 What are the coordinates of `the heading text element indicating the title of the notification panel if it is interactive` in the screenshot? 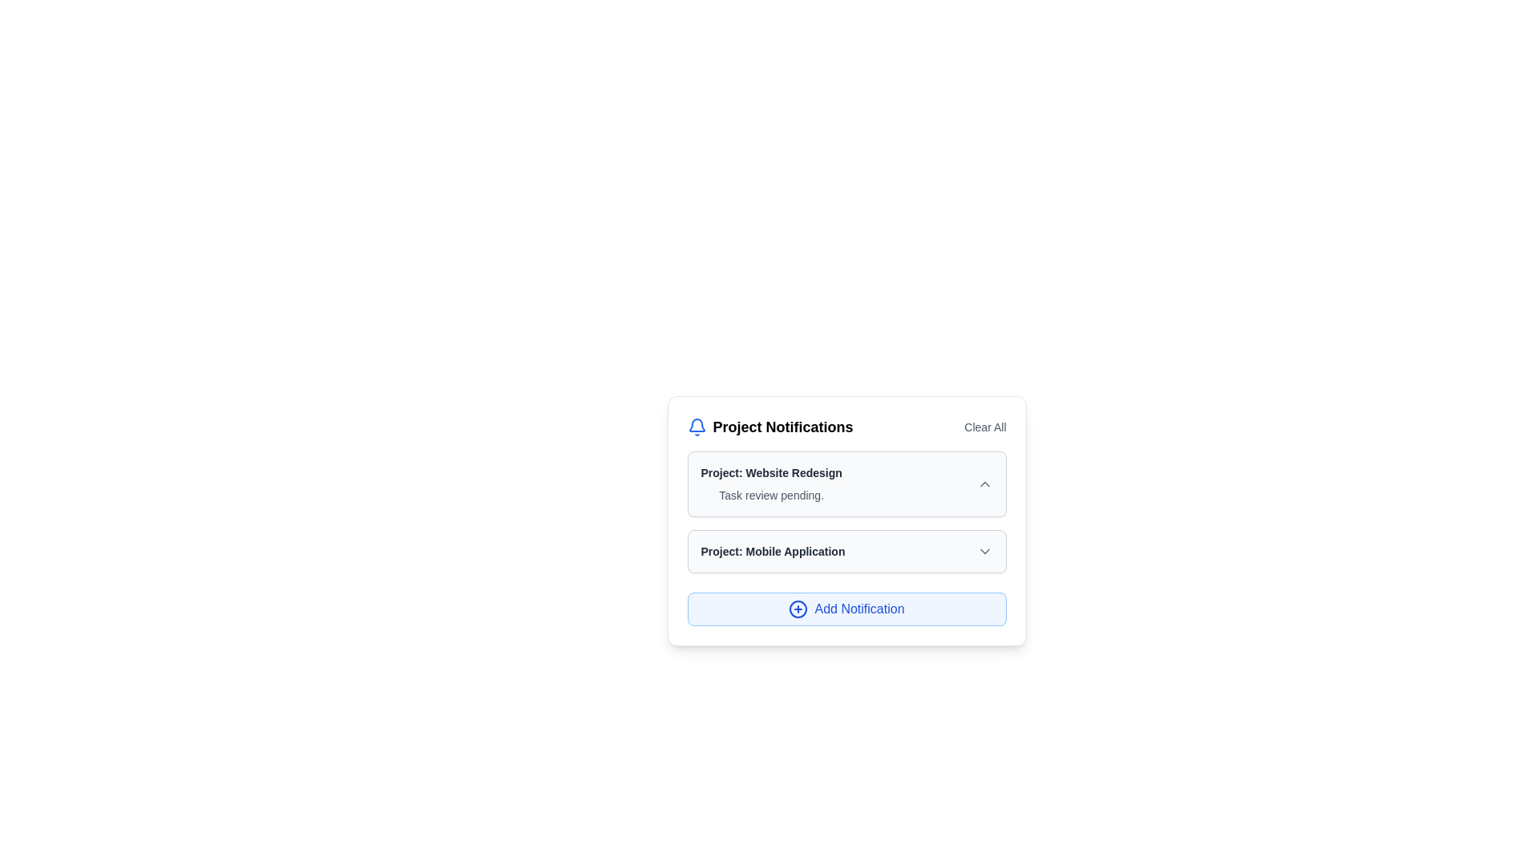 It's located at (769, 426).